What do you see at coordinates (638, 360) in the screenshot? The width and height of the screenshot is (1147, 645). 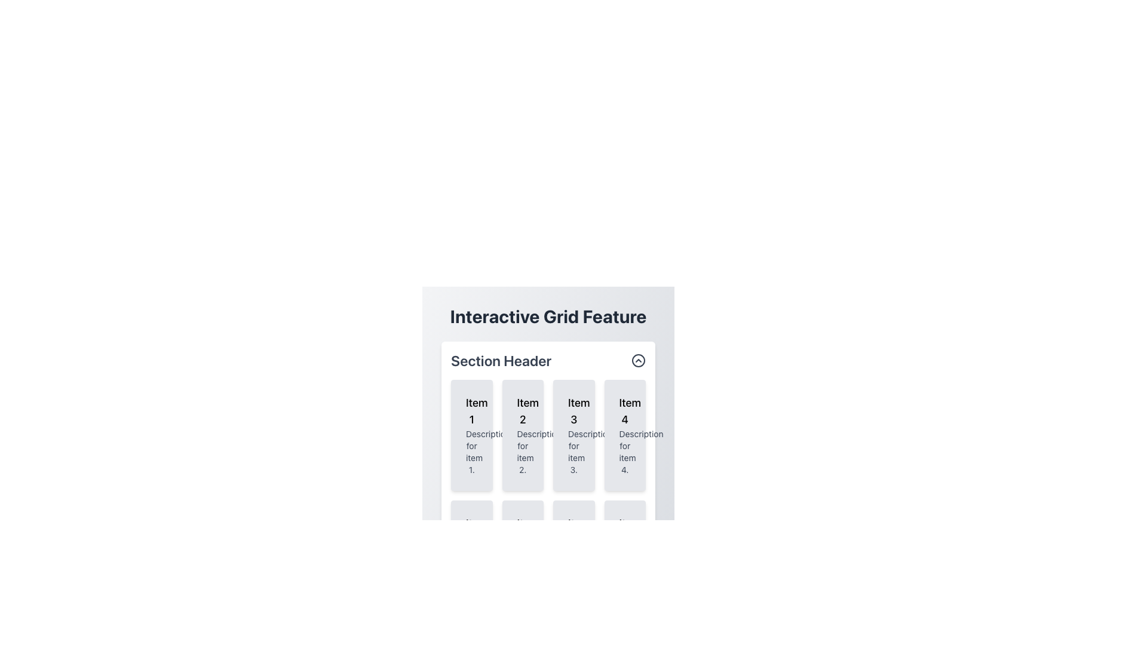 I see `the circular icon button with an upward-pointing chevron located at the far-right side of the 'Section Header' text` at bounding box center [638, 360].